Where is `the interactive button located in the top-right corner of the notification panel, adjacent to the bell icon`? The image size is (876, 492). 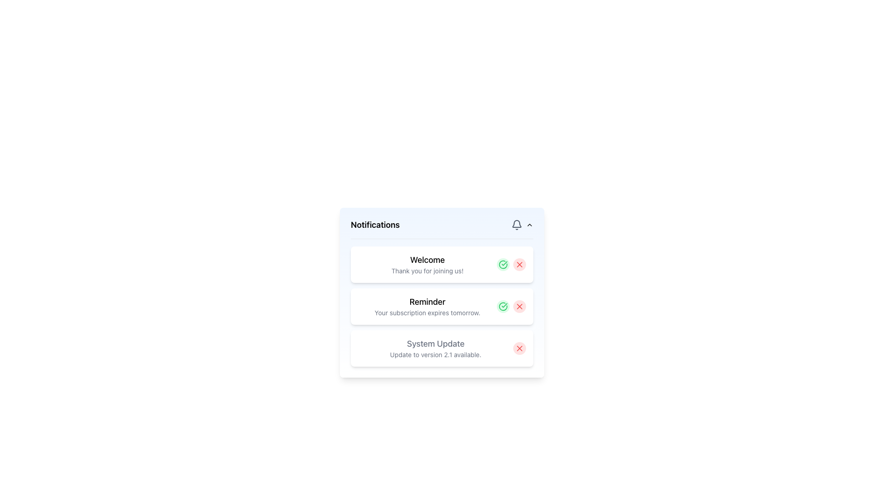 the interactive button located in the top-right corner of the notification panel, adjacent to the bell icon is located at coordinates (530, 225).